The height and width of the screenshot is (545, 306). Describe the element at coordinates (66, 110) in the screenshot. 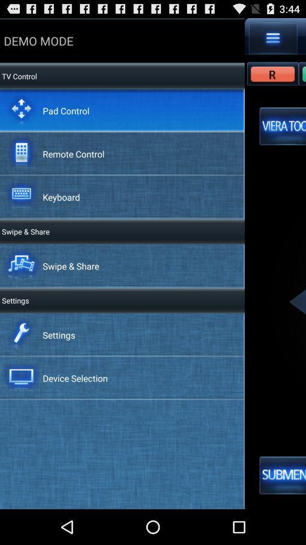

I see `pad control app` at that location.